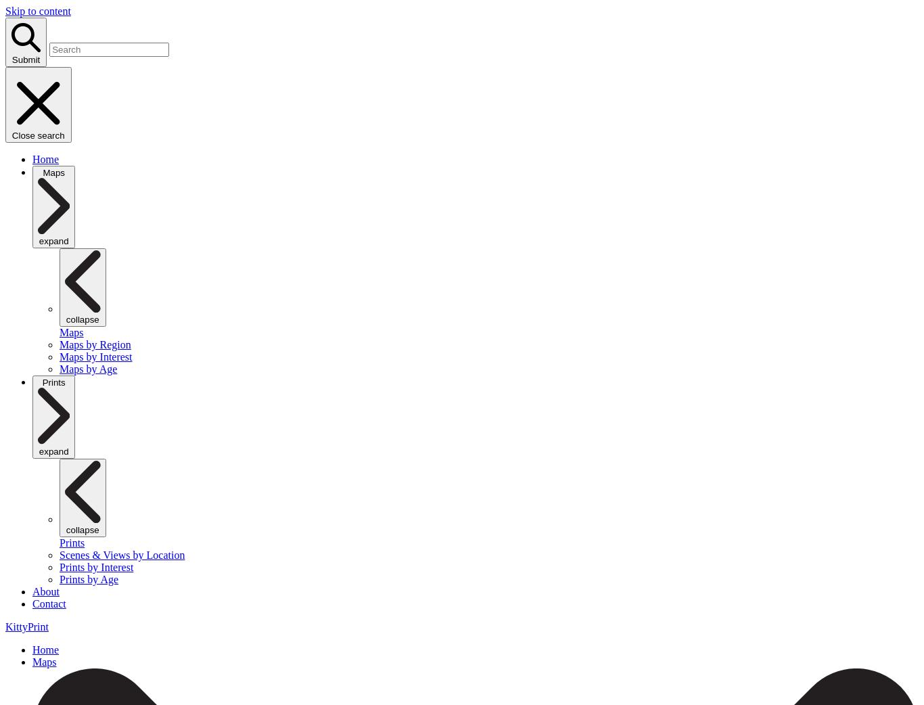 The image size is (924, 705). What do you see at coordinates (27, 625) in the screenshot?
I see `'KittyPrint'` at bounding box center [27, 625].